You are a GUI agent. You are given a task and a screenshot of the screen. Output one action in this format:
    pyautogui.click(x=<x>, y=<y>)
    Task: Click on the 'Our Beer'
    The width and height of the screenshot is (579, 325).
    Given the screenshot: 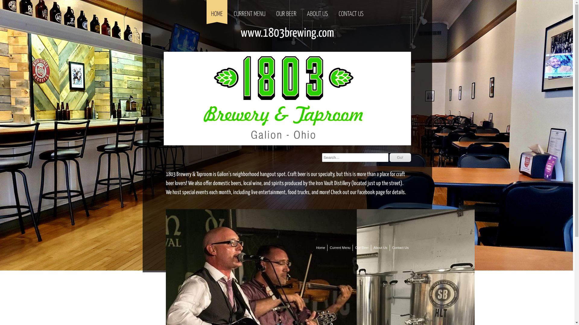 What is the action you would take?
    pyautogui.click(x=362, y=248)
    